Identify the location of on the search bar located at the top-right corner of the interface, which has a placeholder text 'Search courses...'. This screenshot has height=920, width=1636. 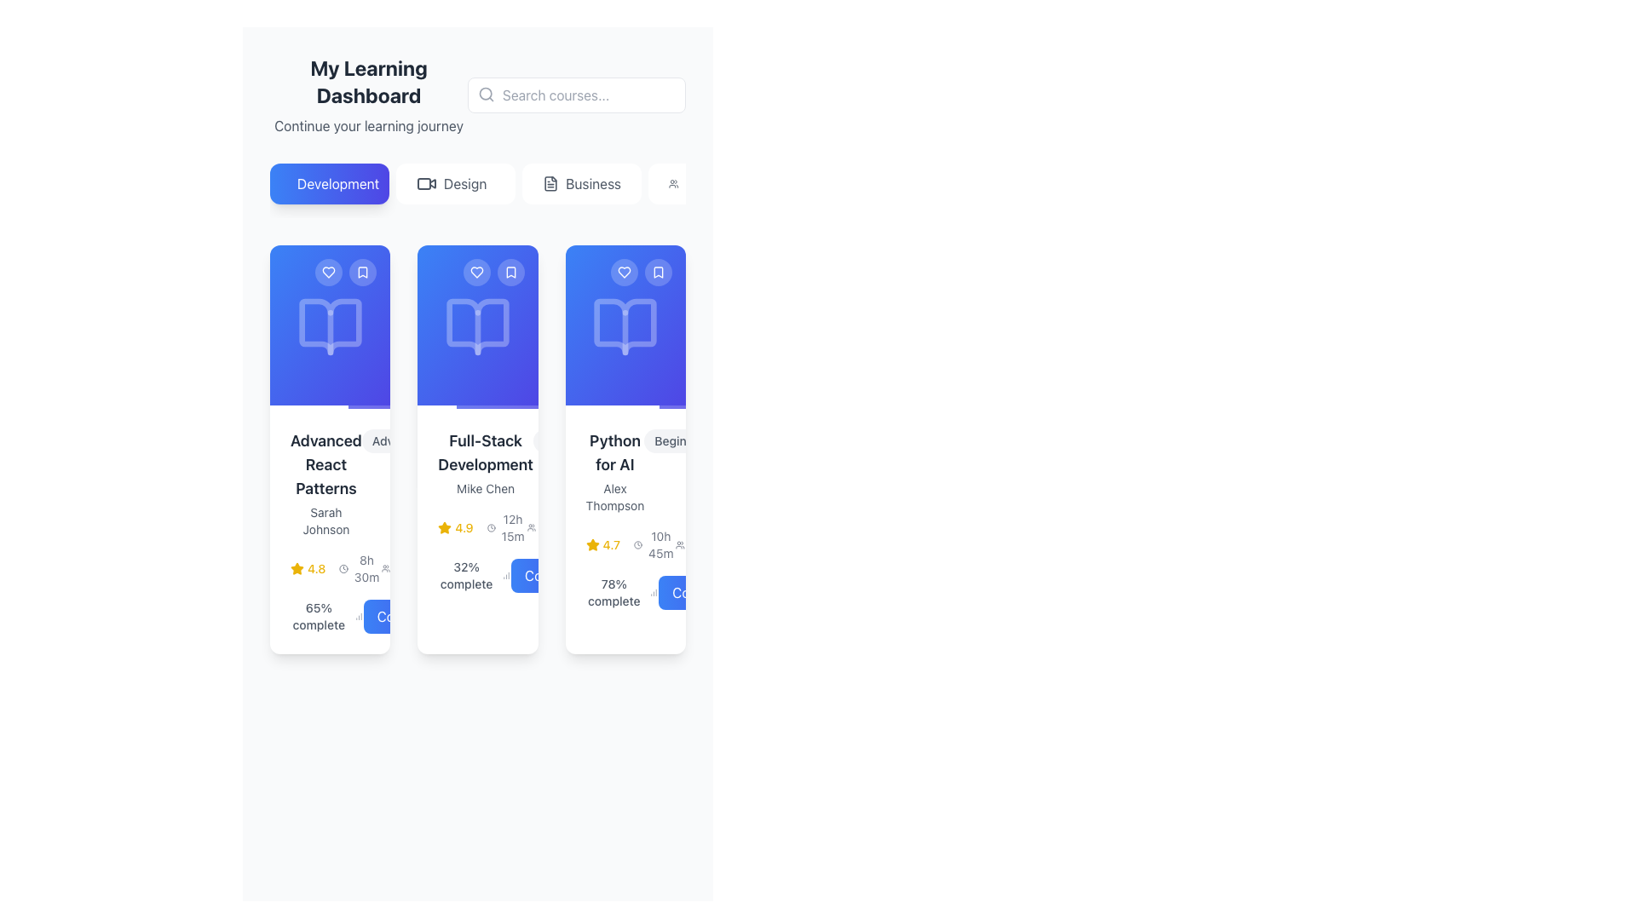
(576, 95).